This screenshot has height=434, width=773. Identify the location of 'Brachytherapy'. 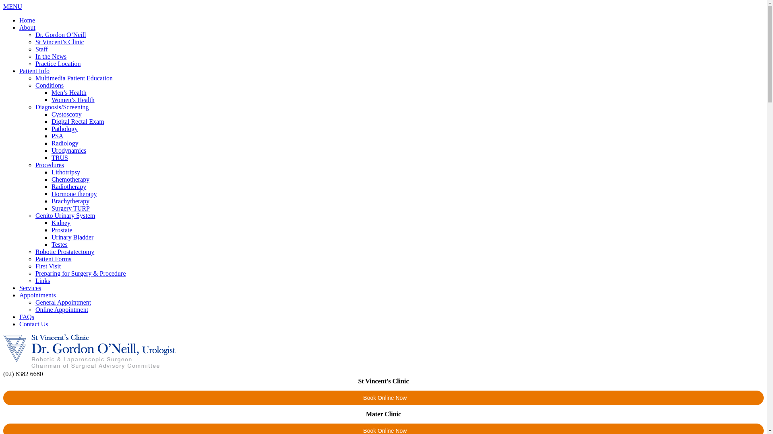
(70, 201).